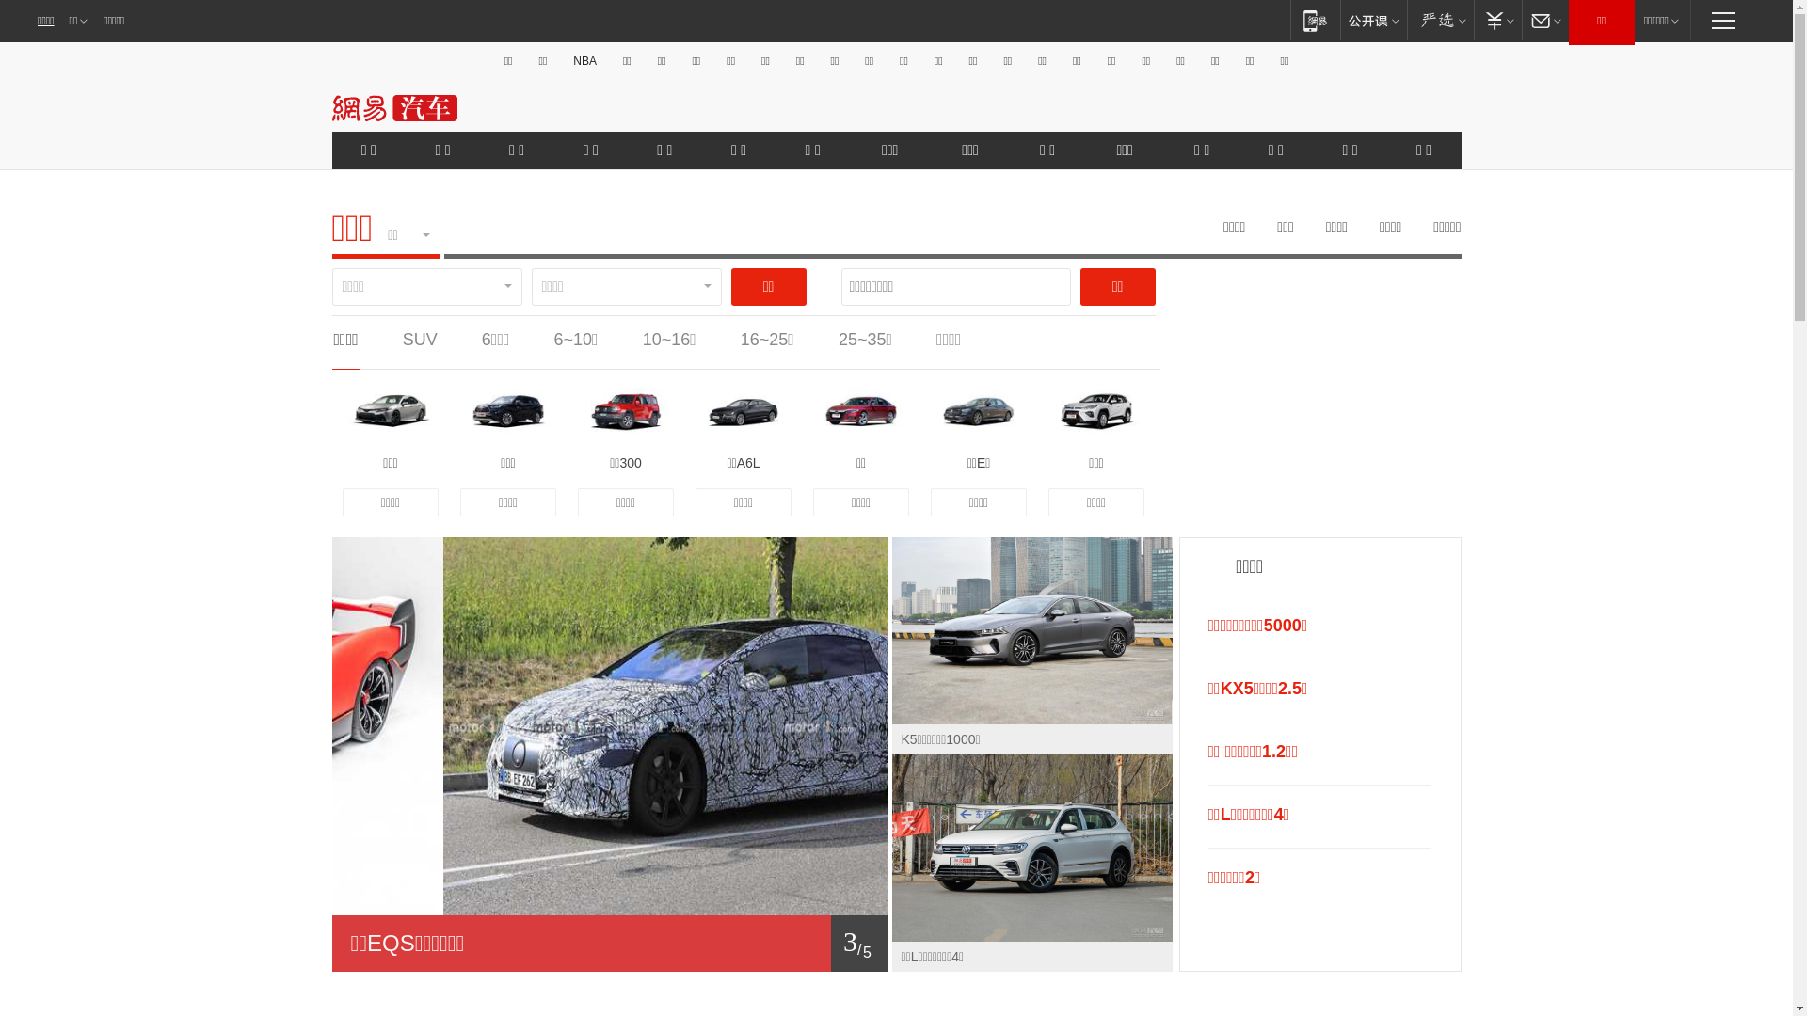 This screenshot has height=1016, width=1807. I want to click on 'SUV', so click(419, 340).